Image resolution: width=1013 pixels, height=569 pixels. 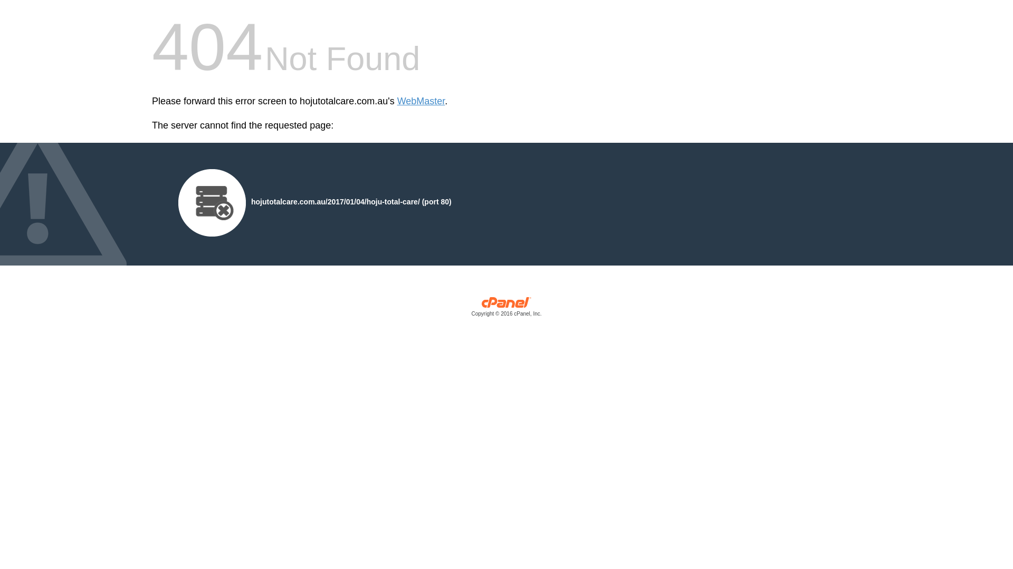 I want to click on 'WebMaster', so click(x=421, y=101).